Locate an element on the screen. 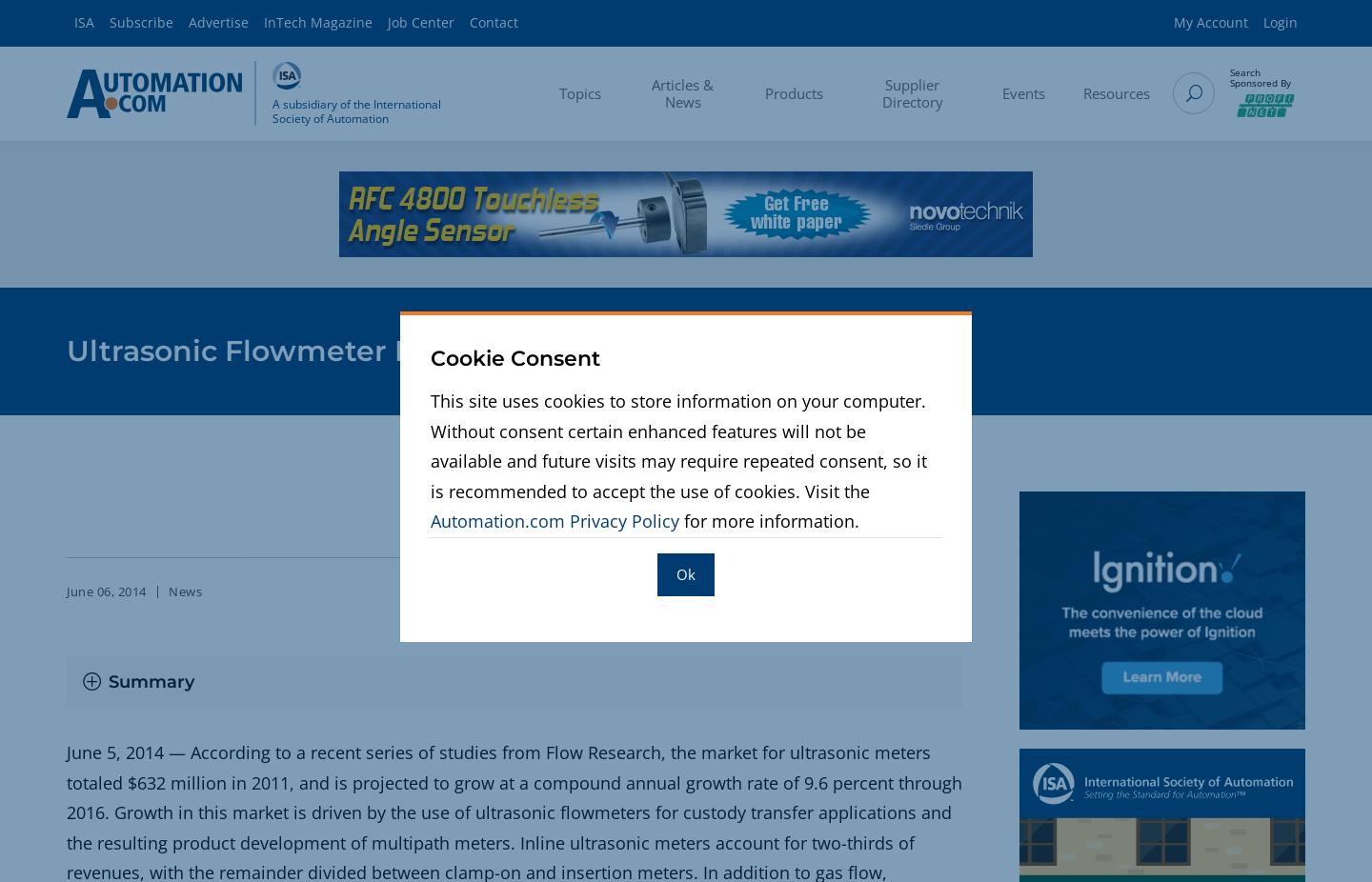 The width and height of the screenshot is (1372, 882). 'for more information.' is located at coordinates (769, 519).